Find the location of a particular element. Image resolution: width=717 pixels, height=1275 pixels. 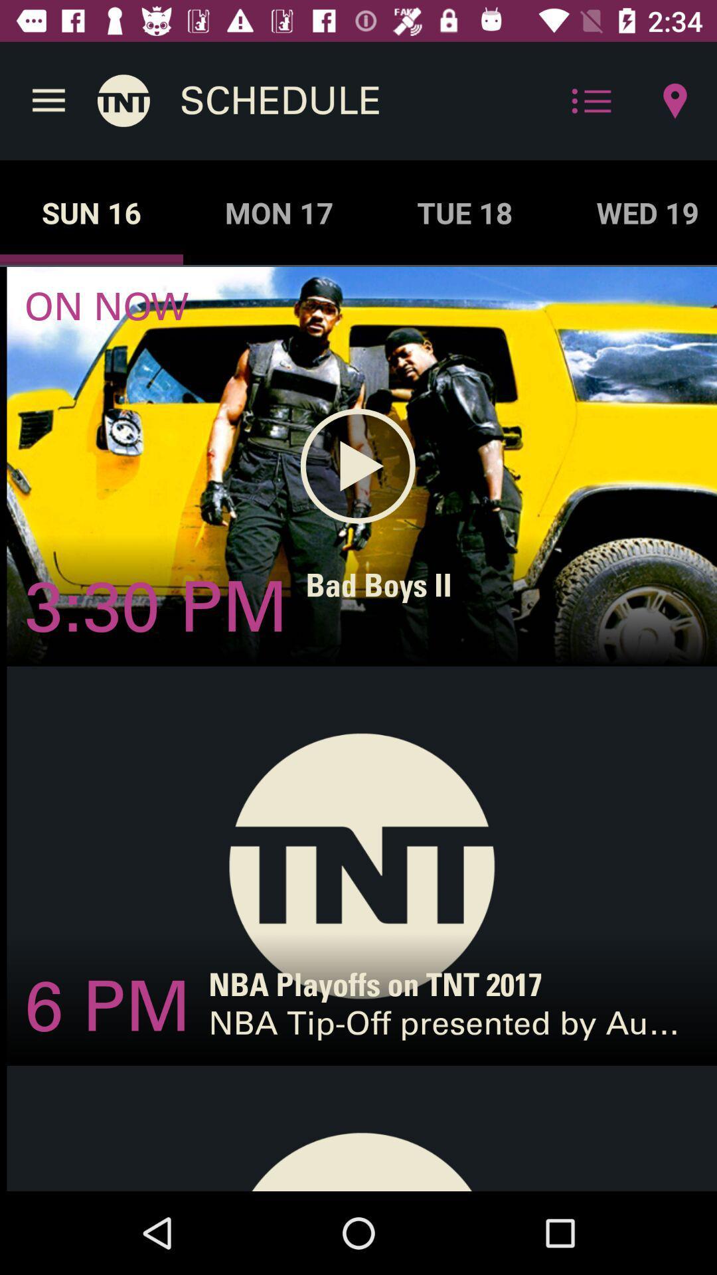

the item next to the tue 18 is located at coordinates (635, 212).